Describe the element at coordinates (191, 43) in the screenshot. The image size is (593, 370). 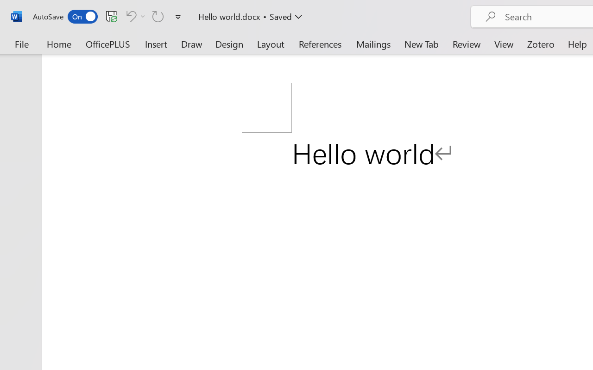
I see `'Draw'` at that location.